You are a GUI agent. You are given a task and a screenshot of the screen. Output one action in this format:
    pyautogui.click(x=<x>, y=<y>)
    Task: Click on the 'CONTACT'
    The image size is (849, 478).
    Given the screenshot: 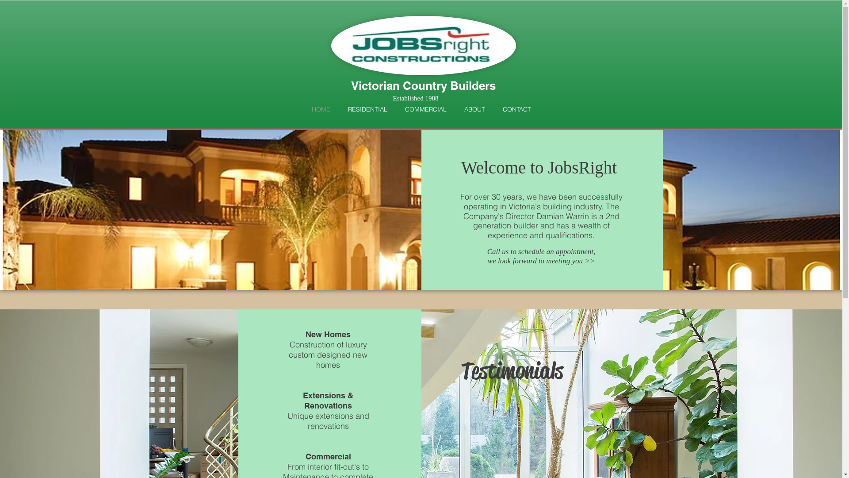 What is the action you would take?
    pyautogui.click(x=516, y=108)
    